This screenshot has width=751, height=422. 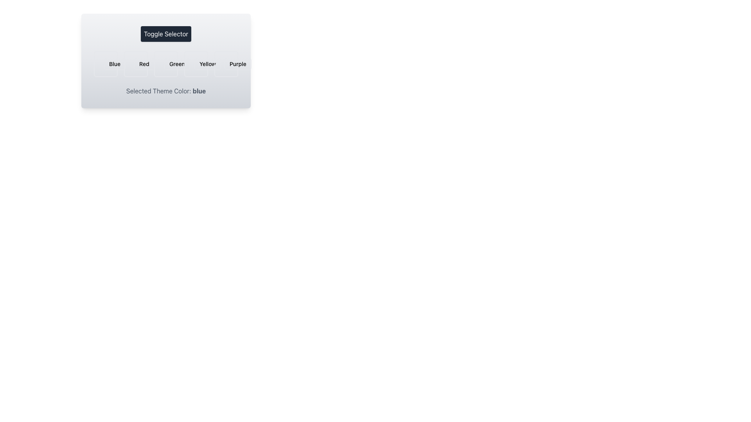 I want to click on the decorative SVG Icon representing the 'Green' option in the theme color selection toggle, which is centered above the text 'Green', so click(x=165, y=64).